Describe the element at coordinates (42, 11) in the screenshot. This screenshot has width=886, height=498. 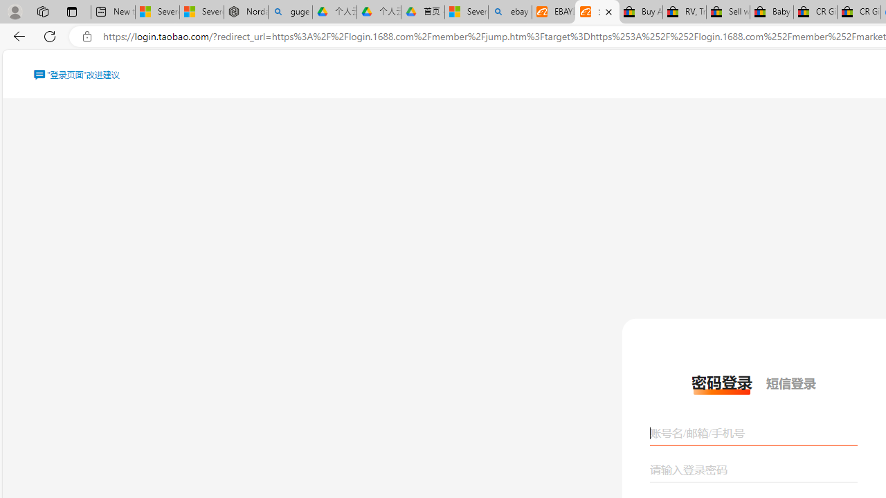
I see `'Workspaces'` at that location.